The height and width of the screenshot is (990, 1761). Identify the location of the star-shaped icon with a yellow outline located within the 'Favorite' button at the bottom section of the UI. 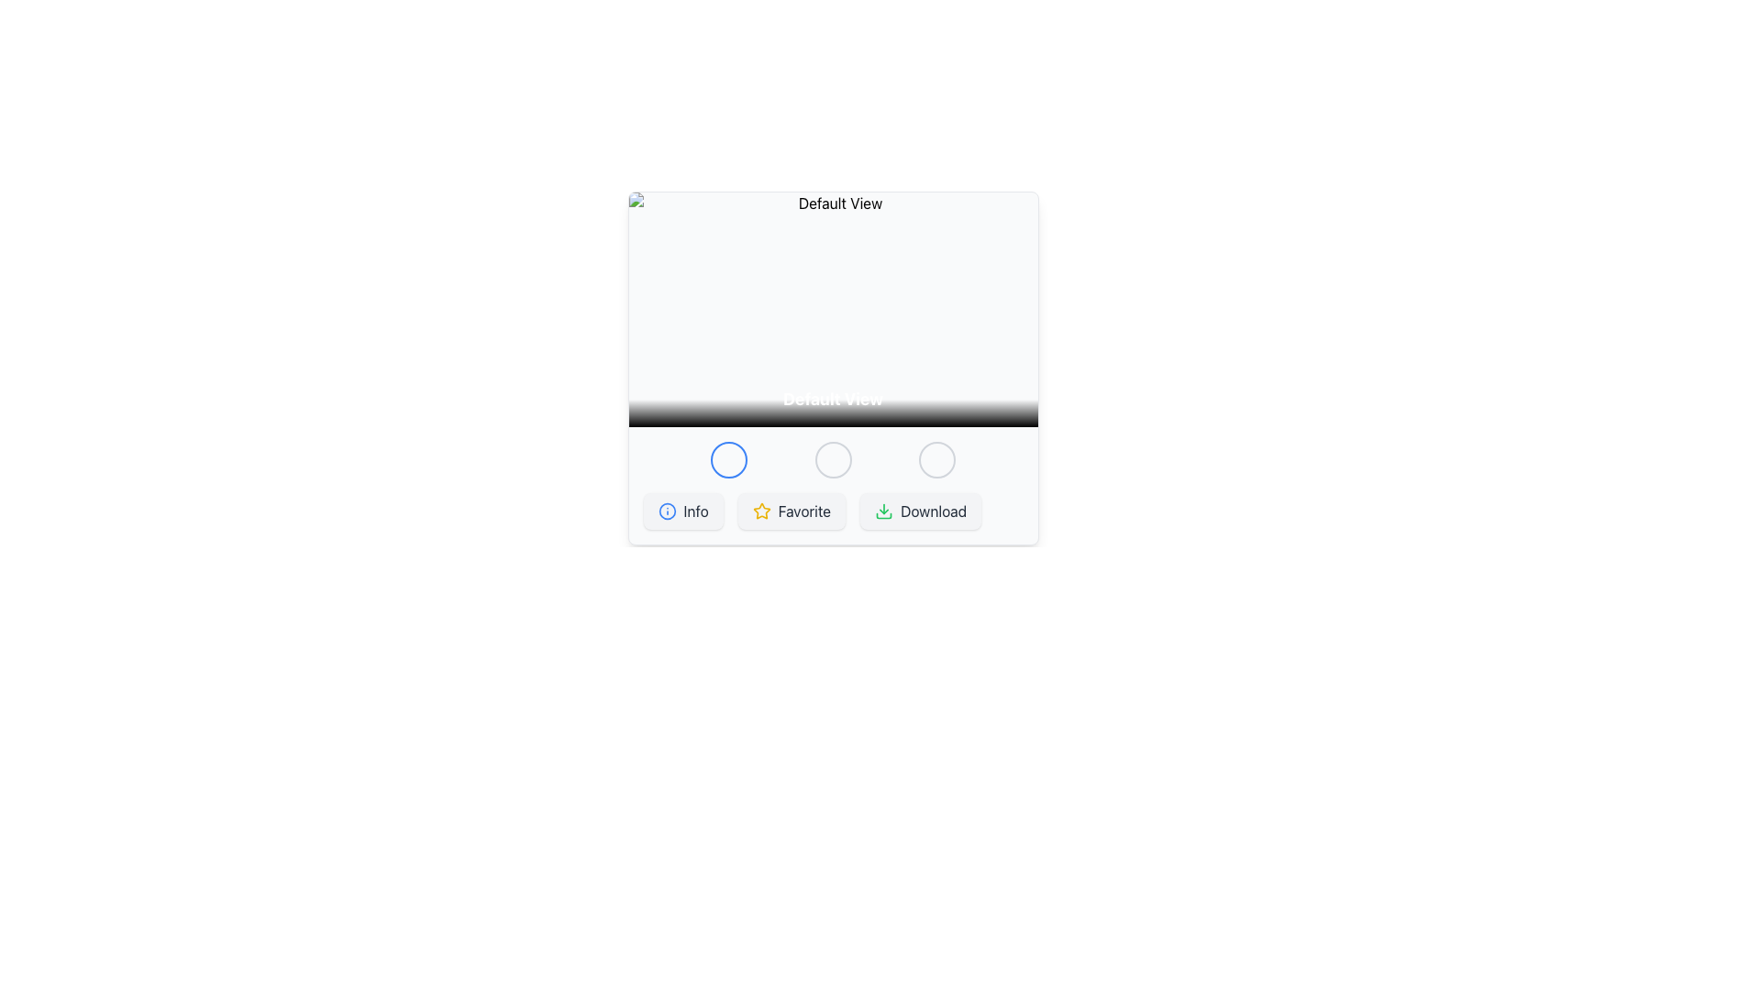
(761, 511).